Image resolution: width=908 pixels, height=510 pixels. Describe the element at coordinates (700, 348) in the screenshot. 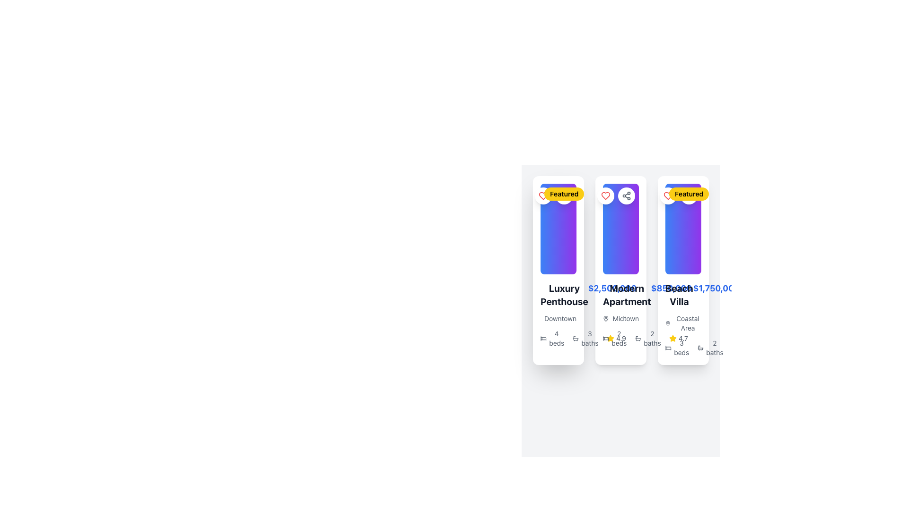

I see `the bathroom icon located to the left of the text '2 baths' in the bottom portion of the property details card` at that location.